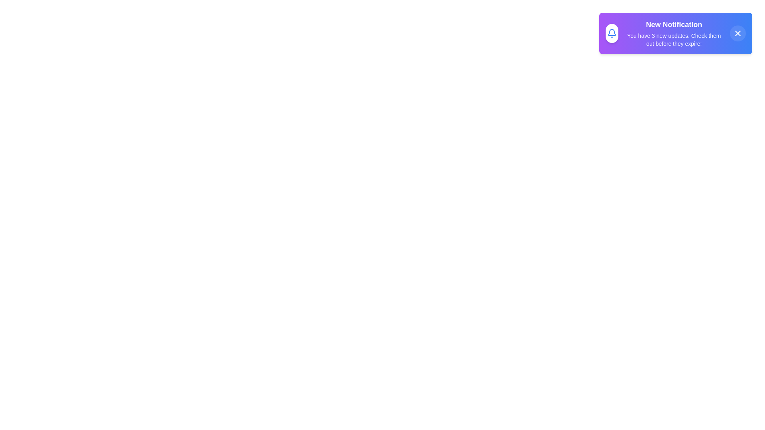 This screenshot has height=430, width=765. I want to click on the close button of the notification to dismiss it, so click(738, 33).